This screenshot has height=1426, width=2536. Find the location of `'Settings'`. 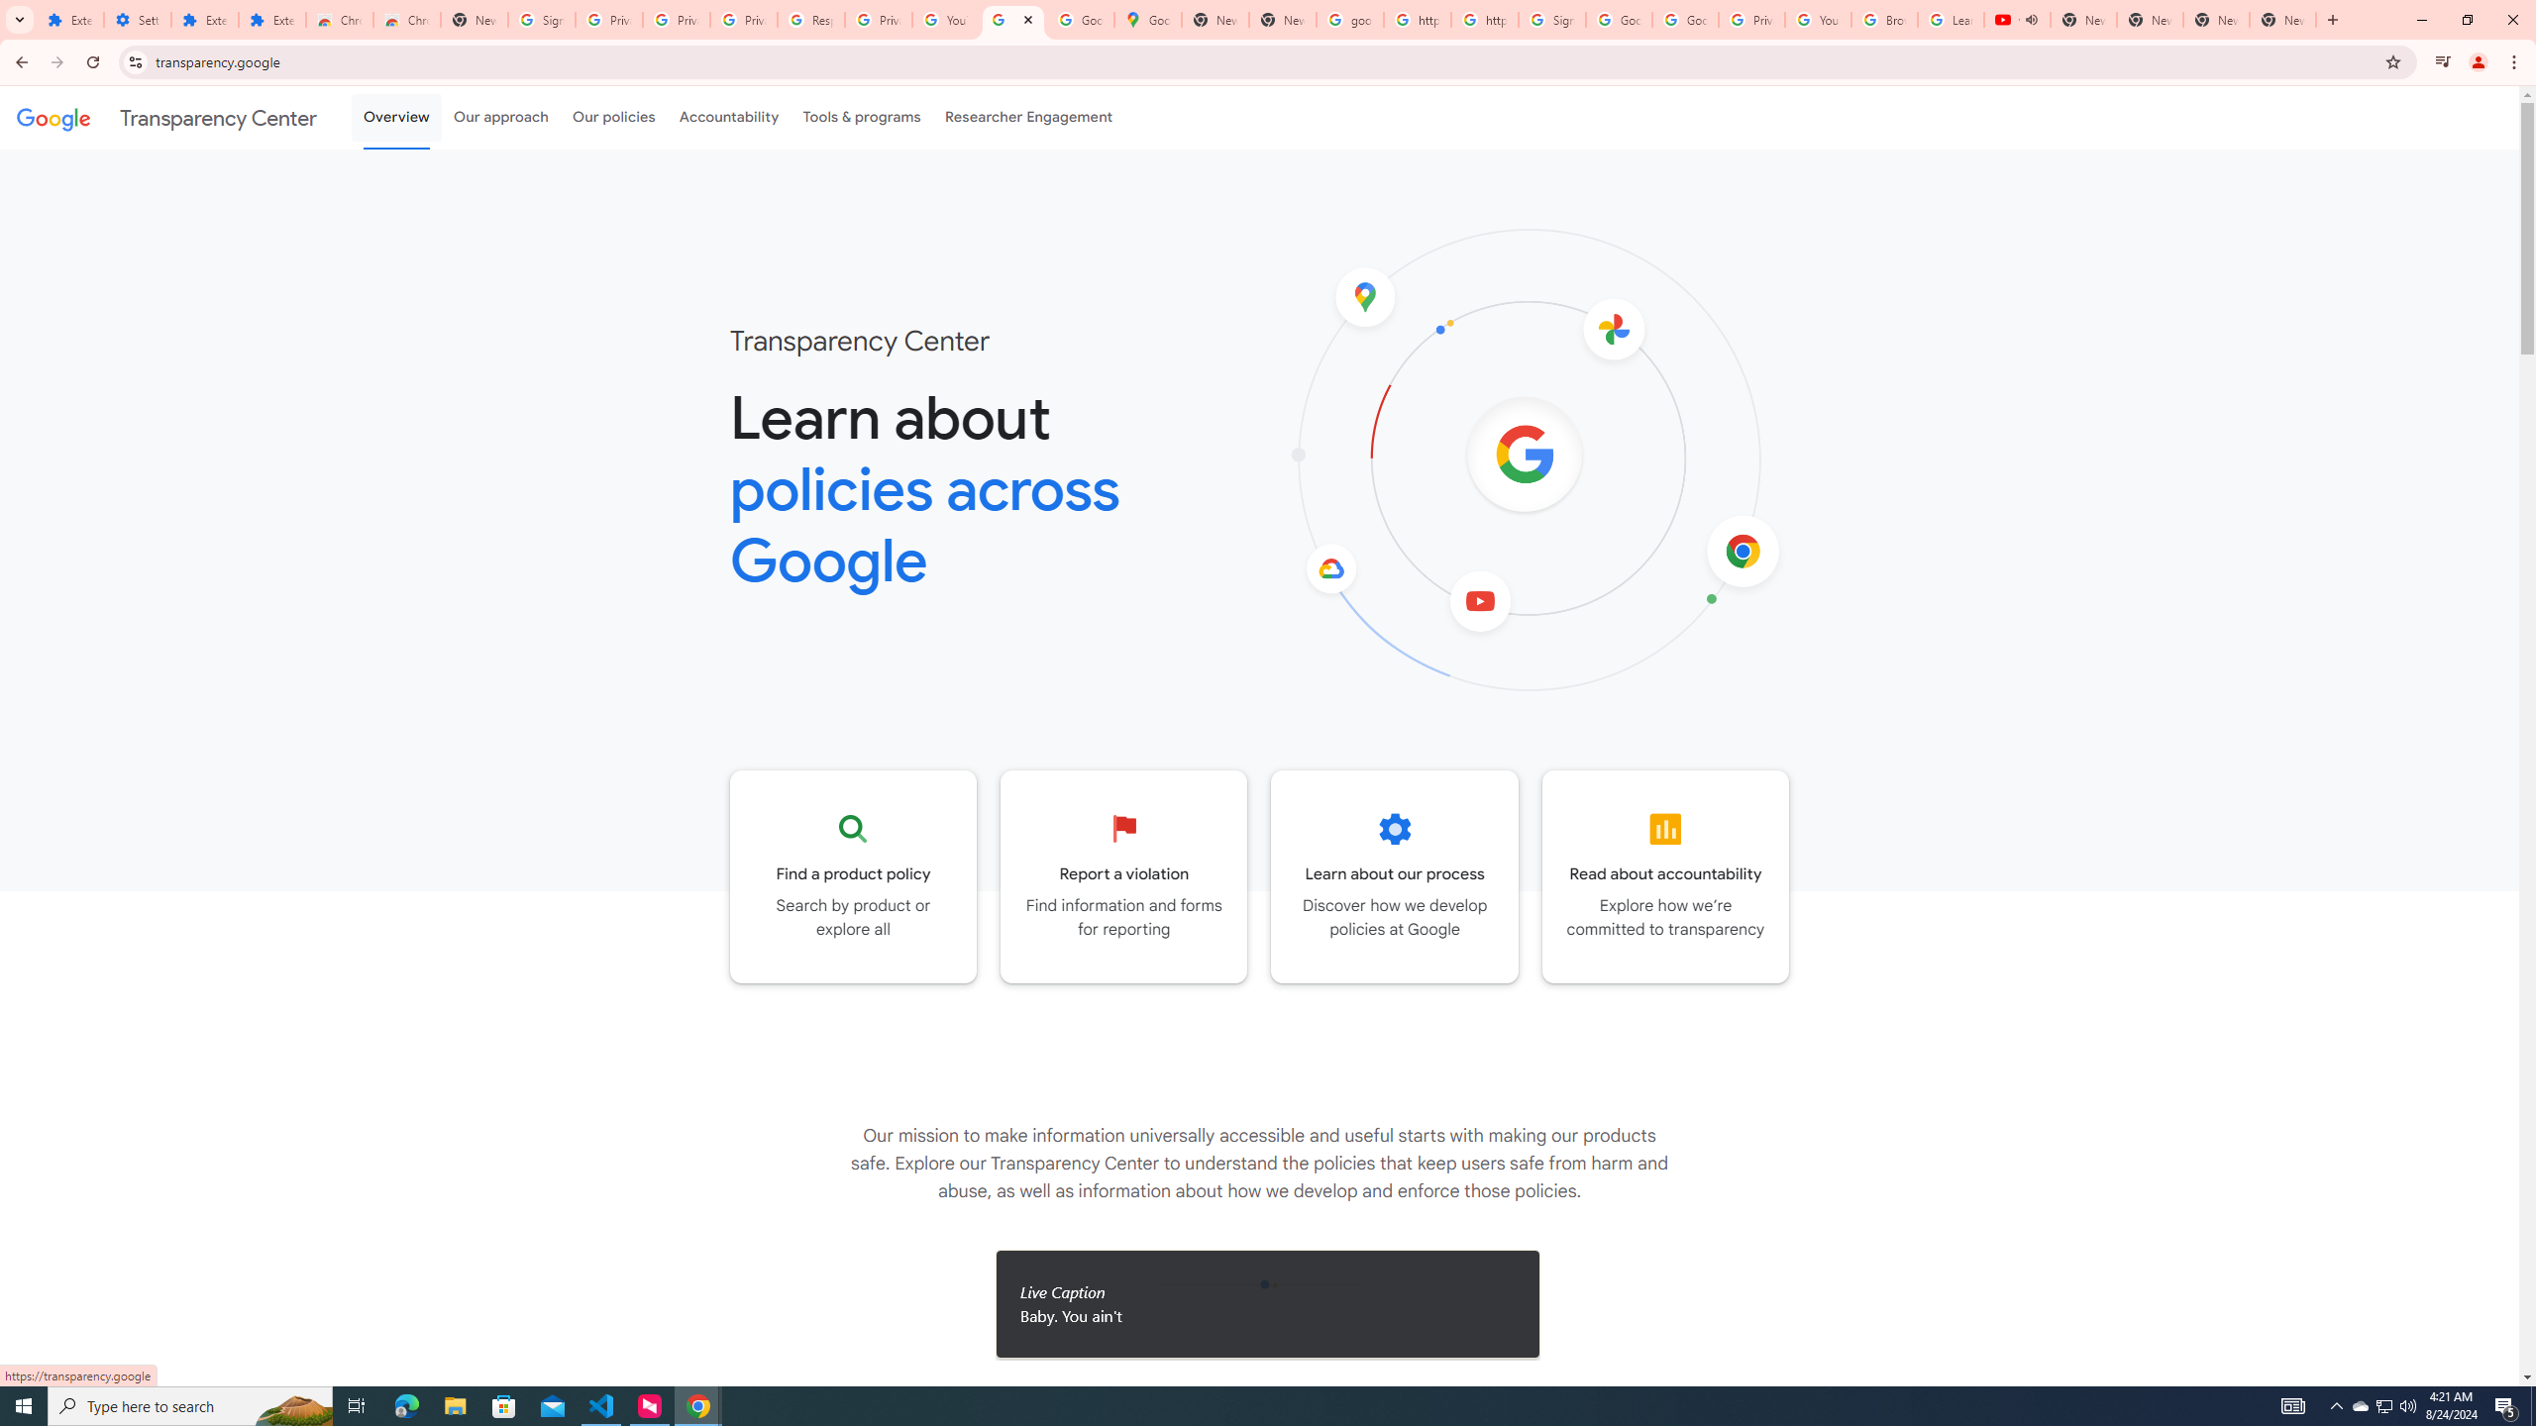

'Settings' is located at coordinates (137, 19).